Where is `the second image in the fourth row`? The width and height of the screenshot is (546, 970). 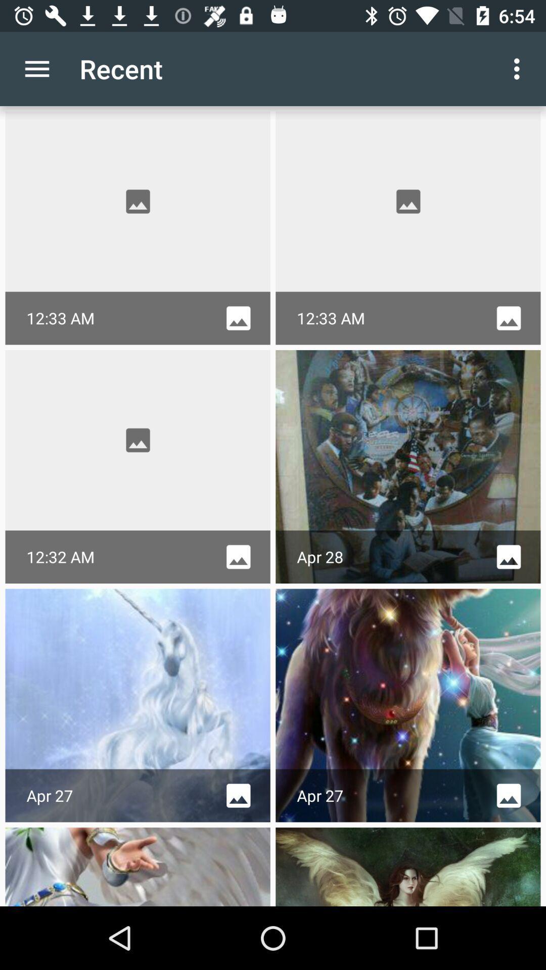 the second image in the fourth row is located at coordinates (407, 866).